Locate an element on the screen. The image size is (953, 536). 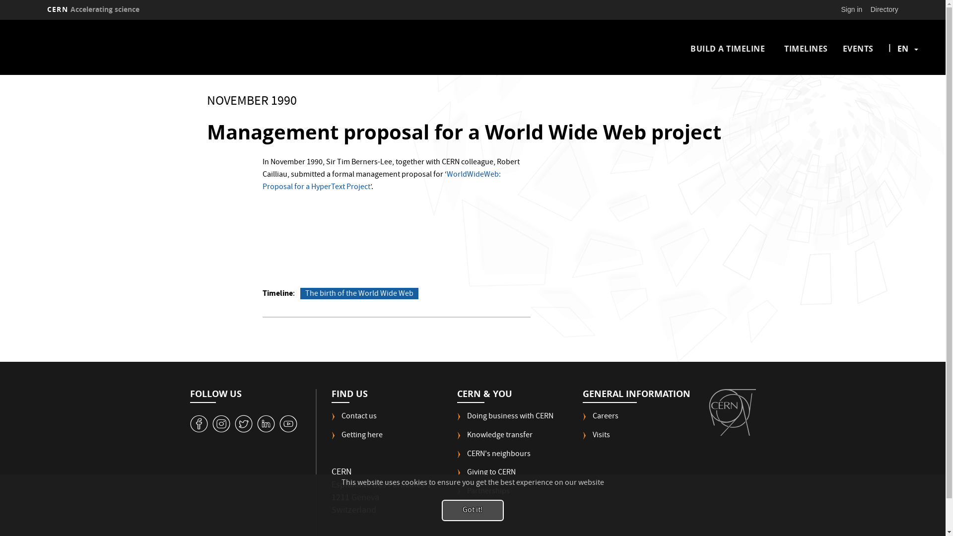
'Partnerships' is located at coordinates (483, 496).